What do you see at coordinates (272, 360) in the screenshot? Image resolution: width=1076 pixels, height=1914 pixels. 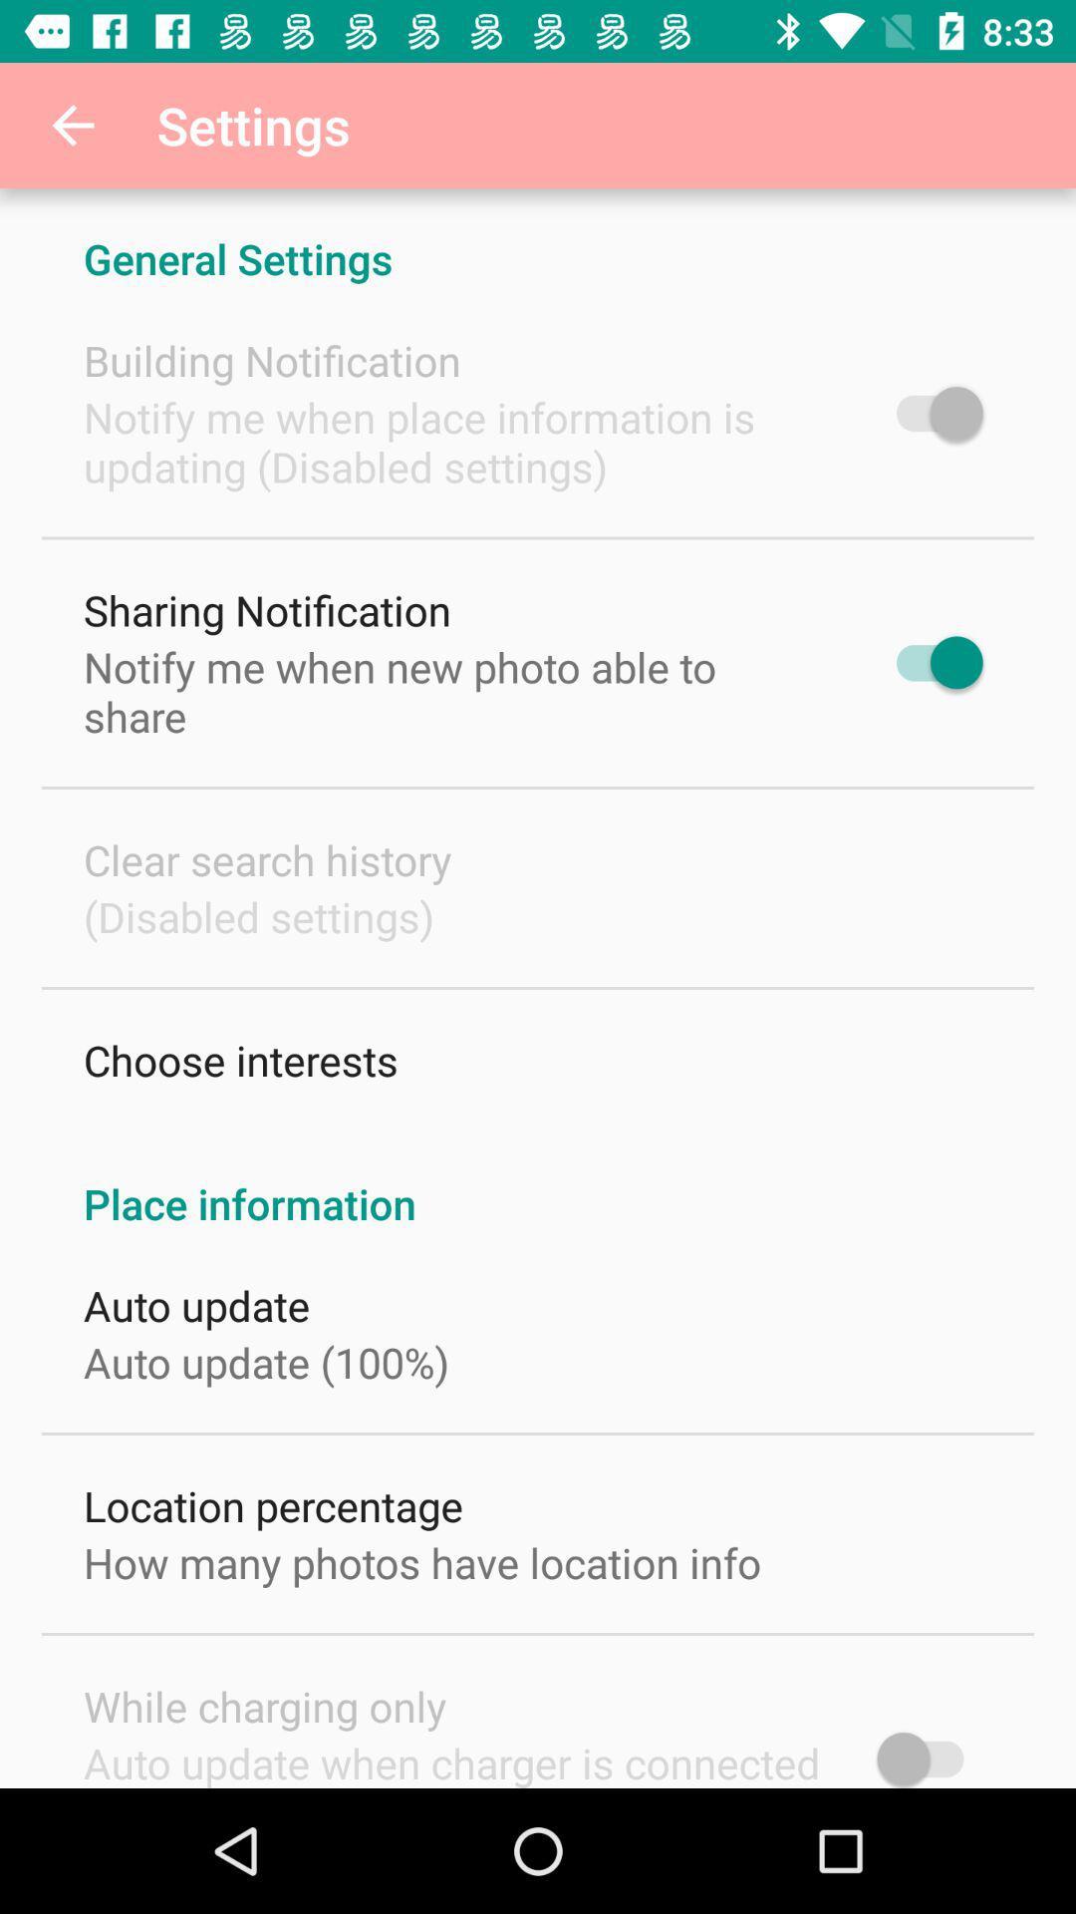 I see `the icon below general settings icon` at bounding box center [272, 360].